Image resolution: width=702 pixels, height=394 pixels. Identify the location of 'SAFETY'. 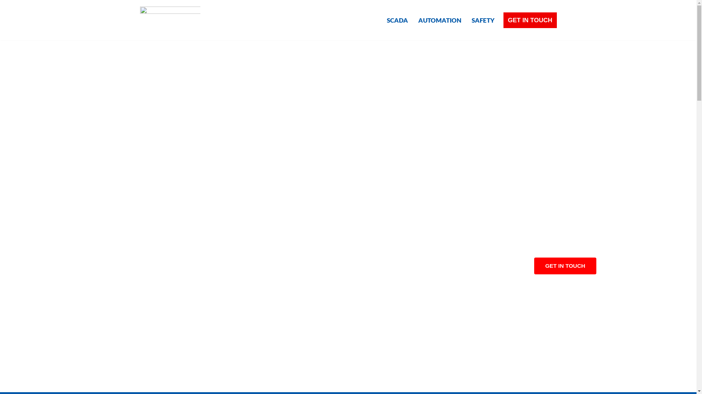
(483, 19).